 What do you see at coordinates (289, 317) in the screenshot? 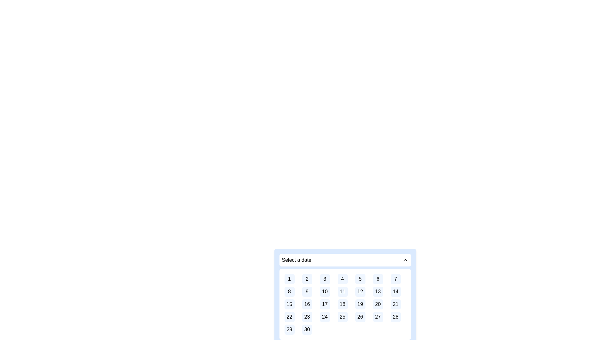
I see `the clickable calendar date button representing the 22nd in the date picker interface, located in the 5th row, 1st column of the grid` at bounding box center [289, 317].